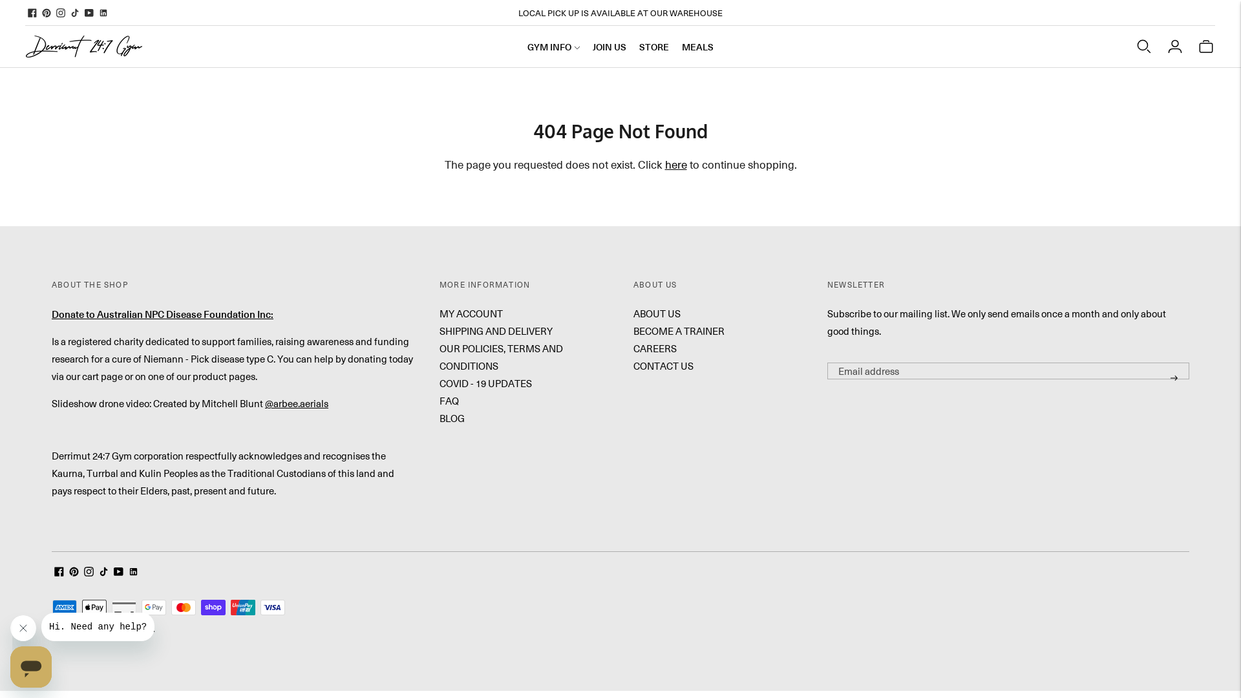 Image resolution: width=1241 pixels, height=698 pixels. What do you see at coordinates (681, 46) in the screenshot?
I see `'MEALS'` at bounding box center [681, 46].